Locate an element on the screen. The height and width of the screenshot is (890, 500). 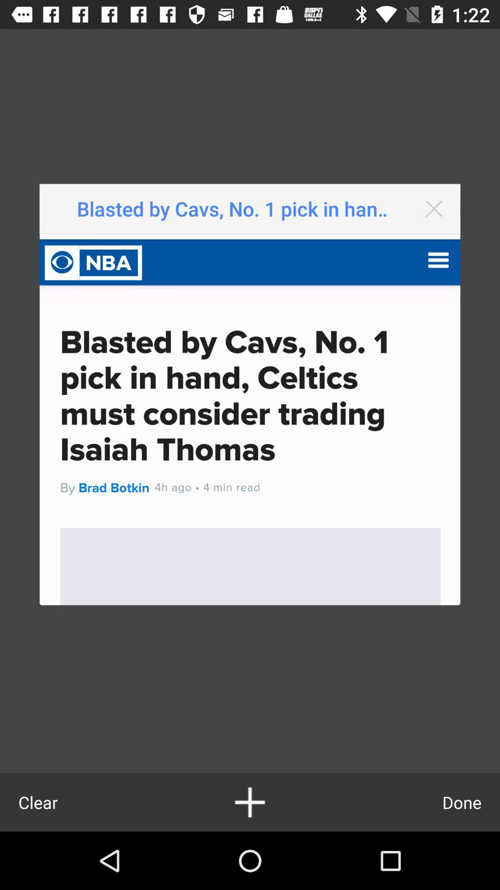
the clear icon is located at coordinates (37, 802).